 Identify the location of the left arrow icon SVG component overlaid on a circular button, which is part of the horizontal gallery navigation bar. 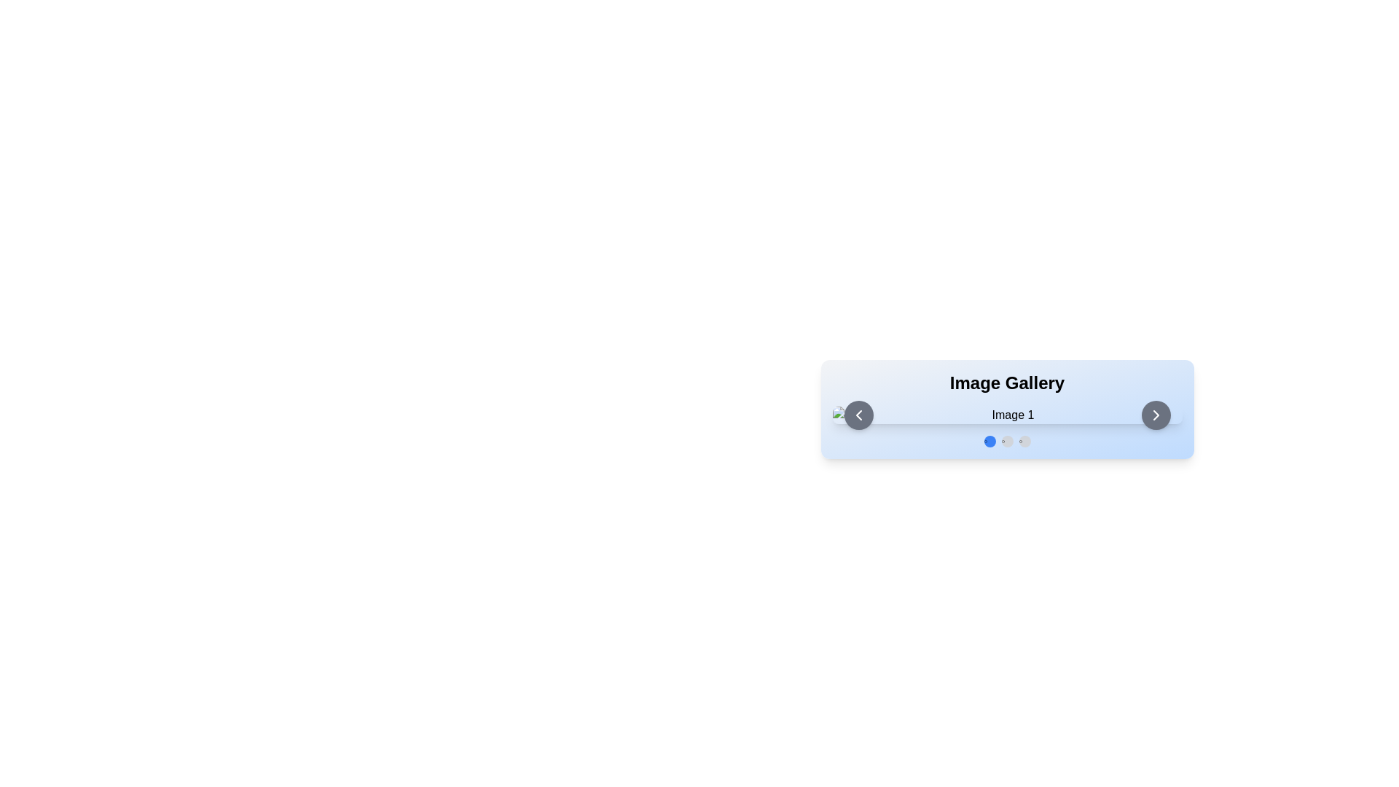
(858, 415).